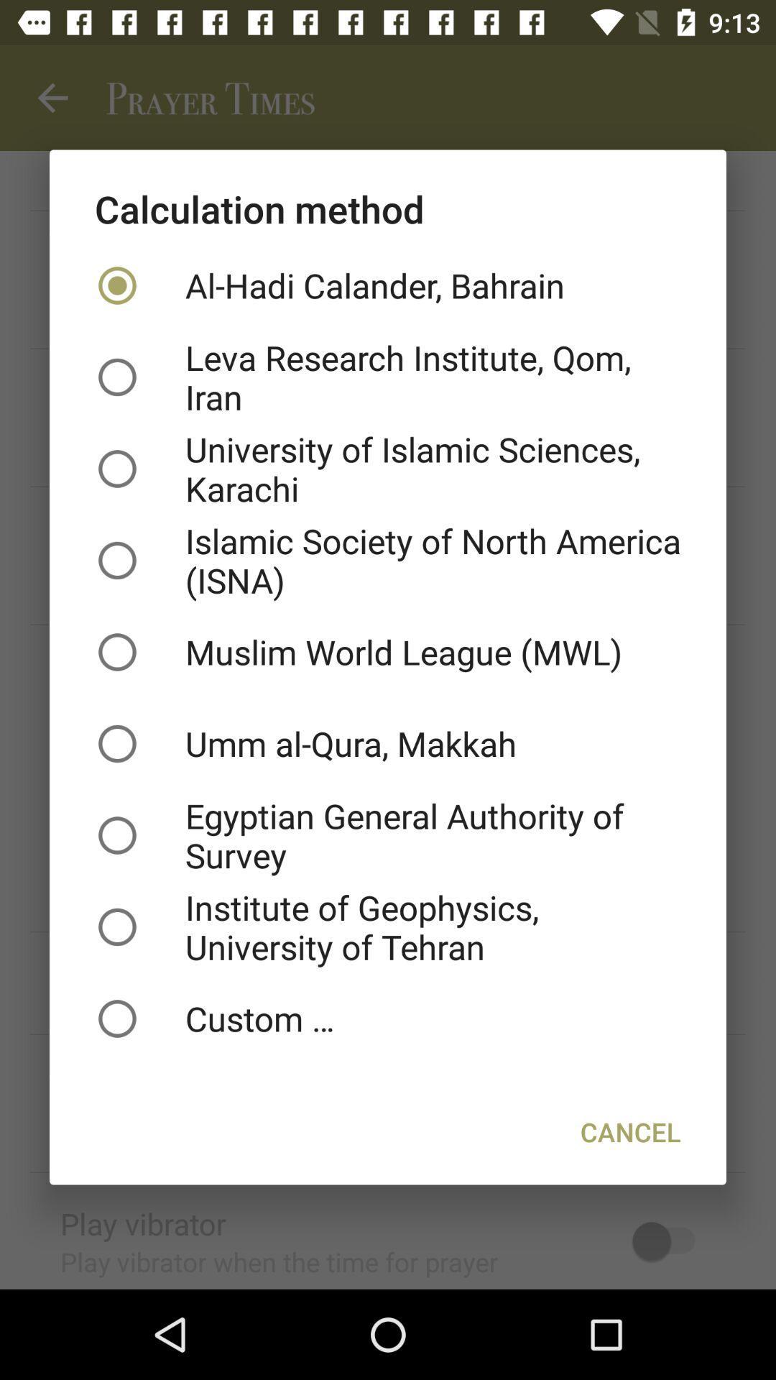  I want to click on cancel item, so click(629, 1131).